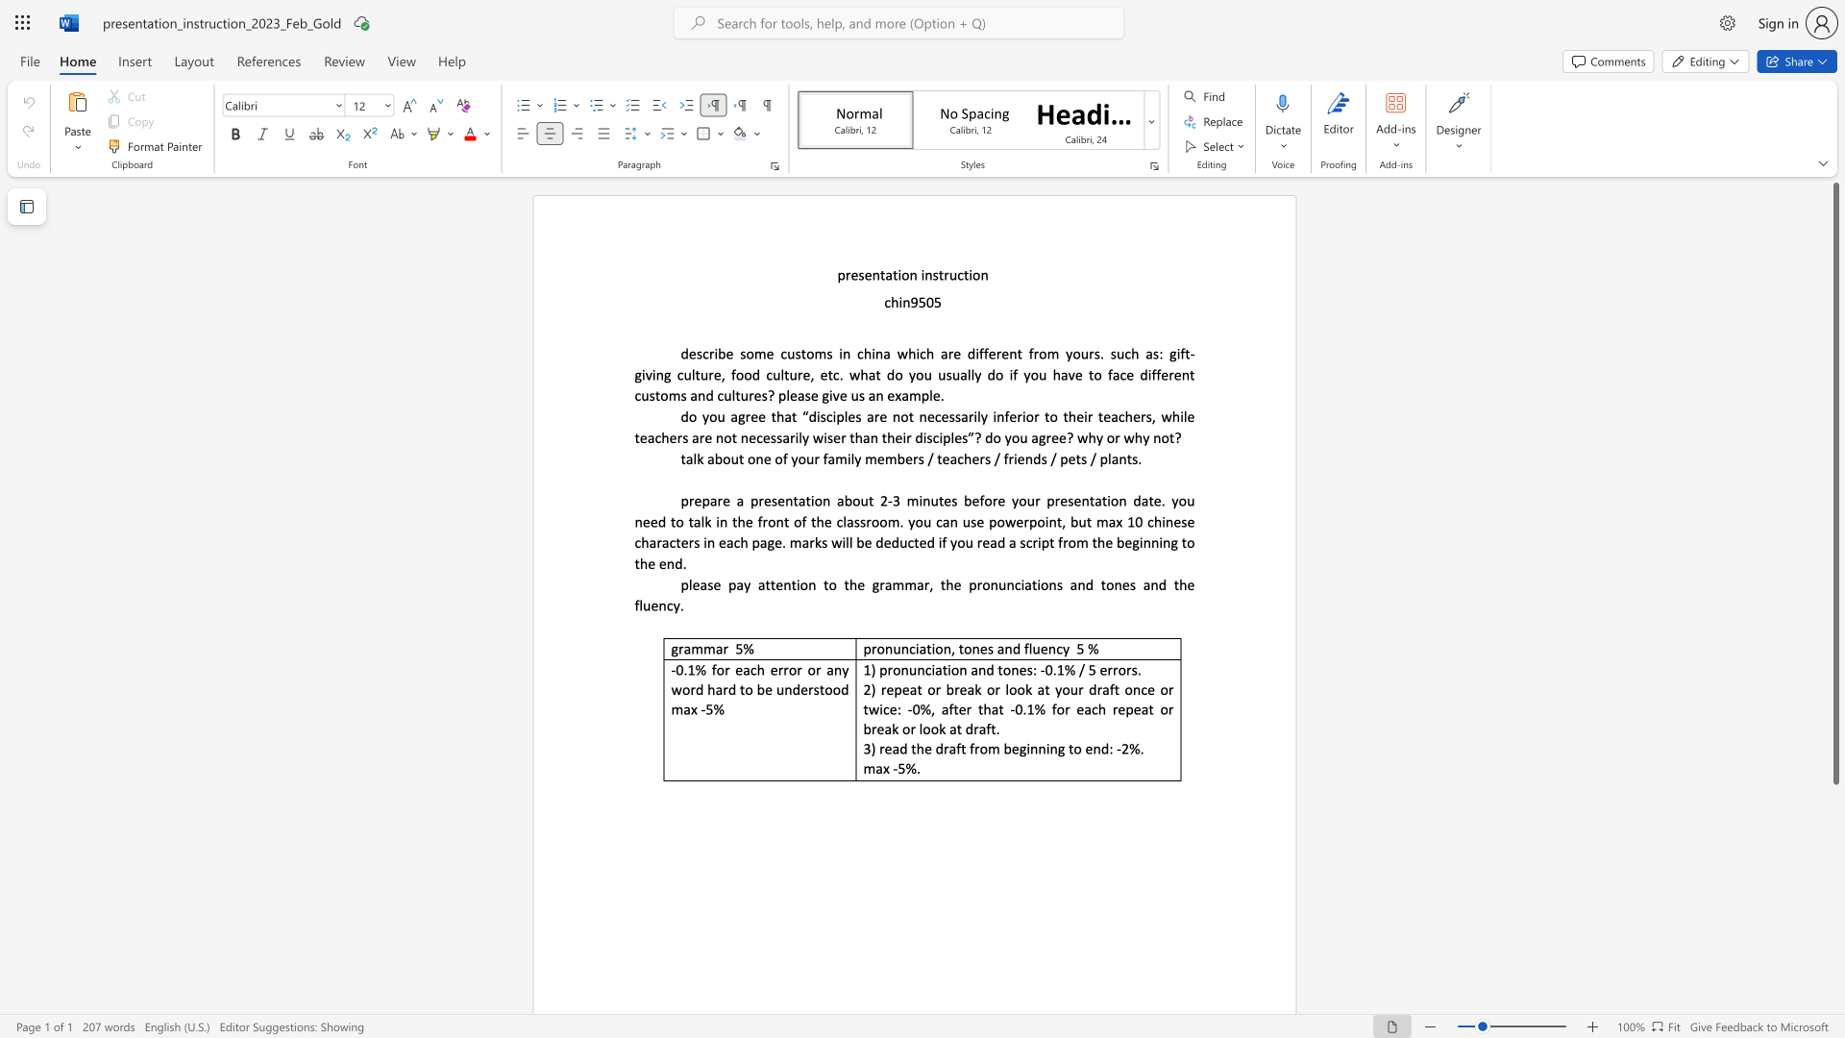 The image size is (1845, 1038). I want to click on the vertical scrollbar to lower the page content, so click(1834, 863).